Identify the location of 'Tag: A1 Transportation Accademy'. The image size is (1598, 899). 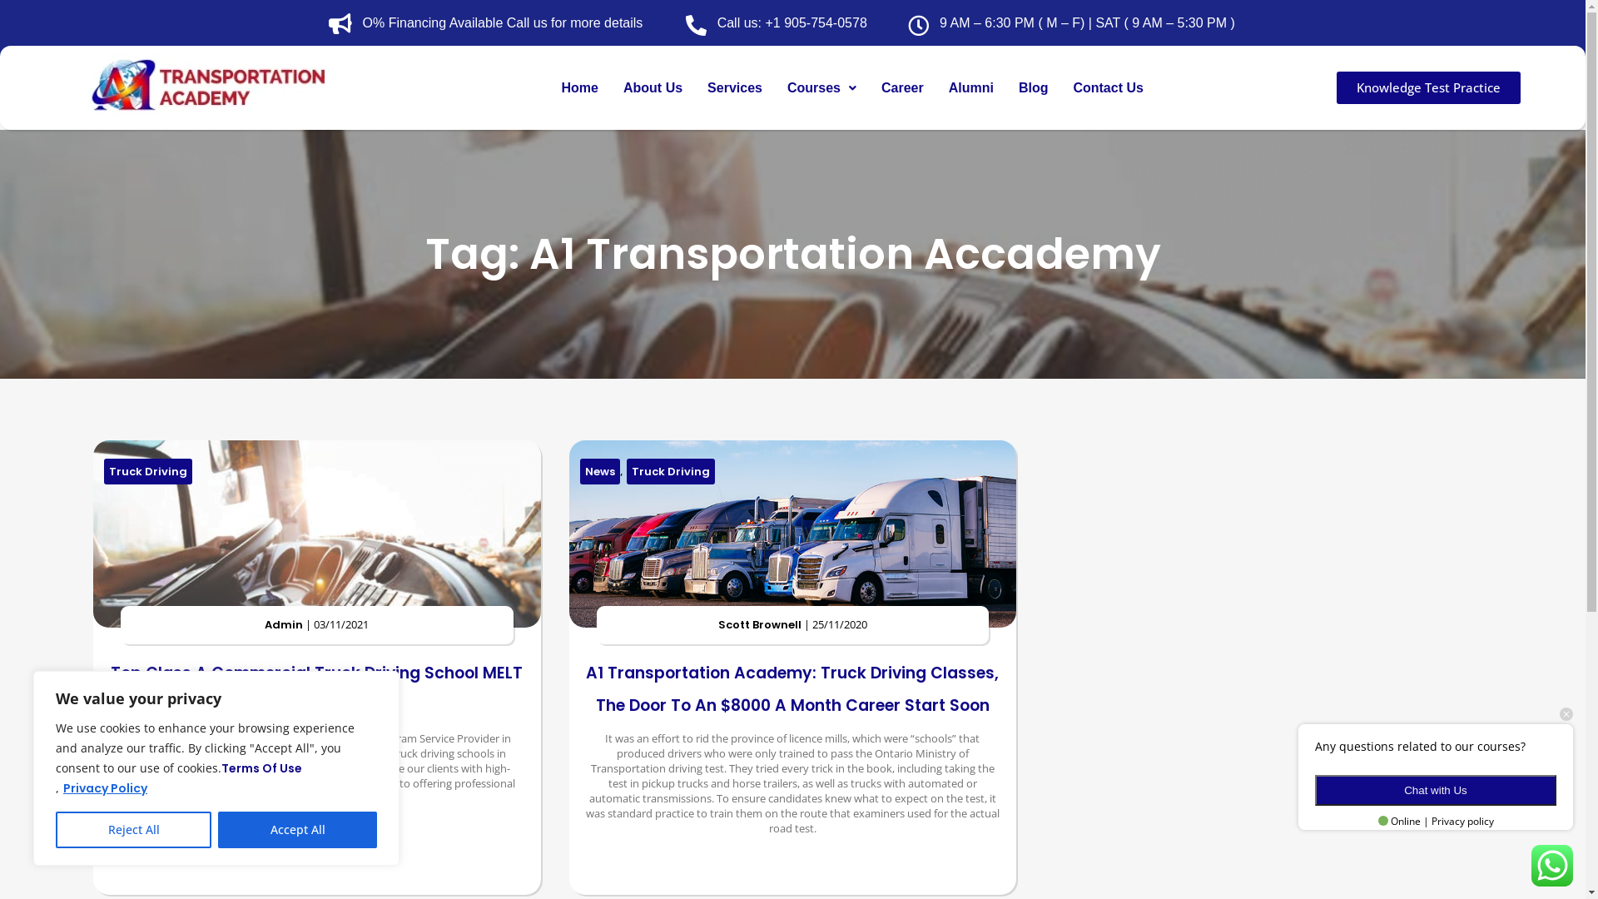
(791, 253).